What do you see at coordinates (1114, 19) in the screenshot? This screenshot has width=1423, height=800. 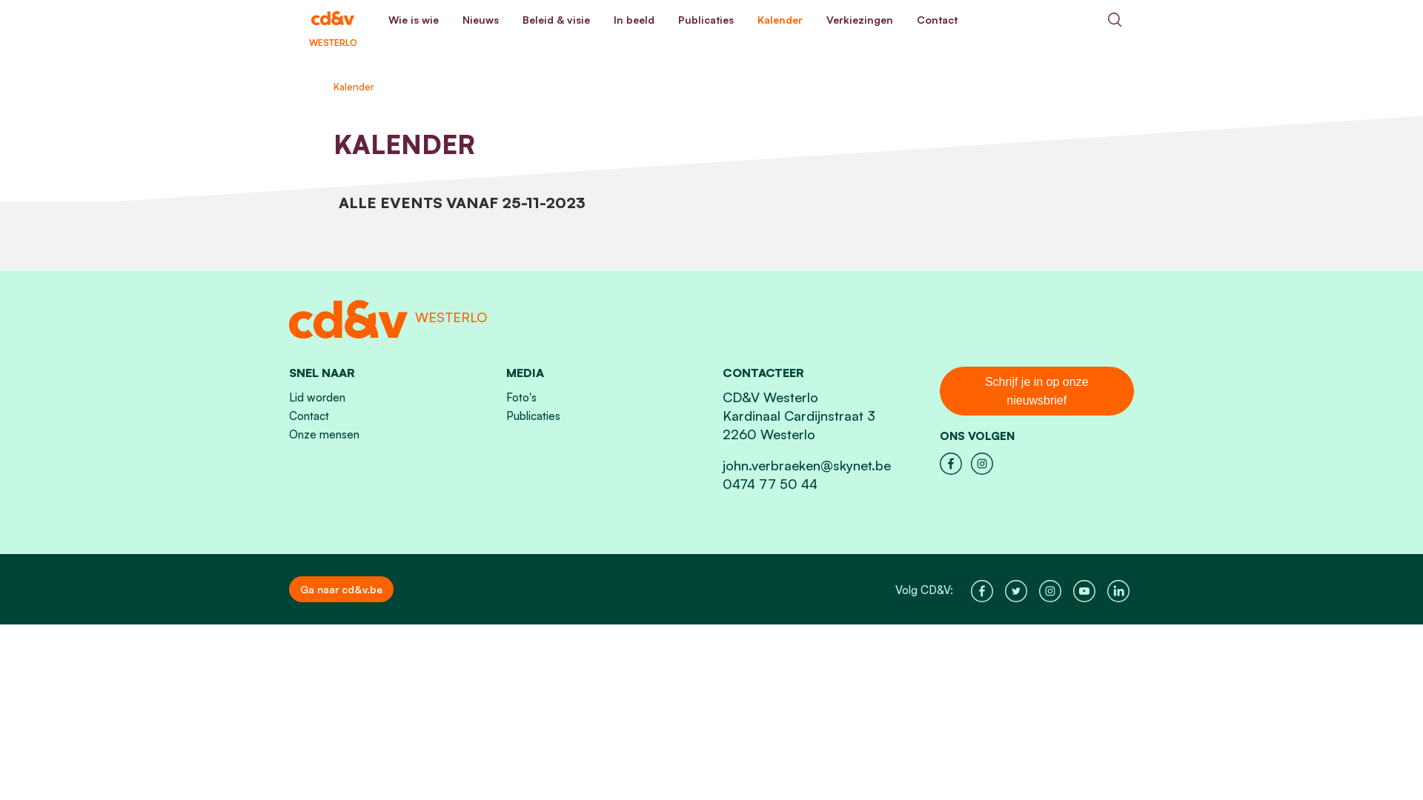 I see `'Search'` at bounding box center [1114, 19].